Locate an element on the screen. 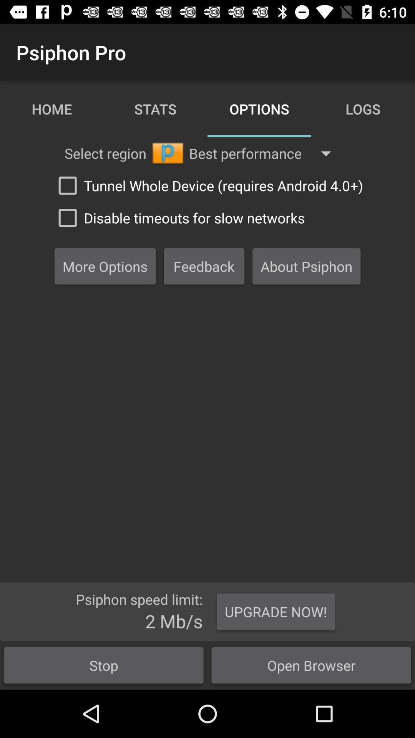  upgrade now is located at coordinates (276, 612).